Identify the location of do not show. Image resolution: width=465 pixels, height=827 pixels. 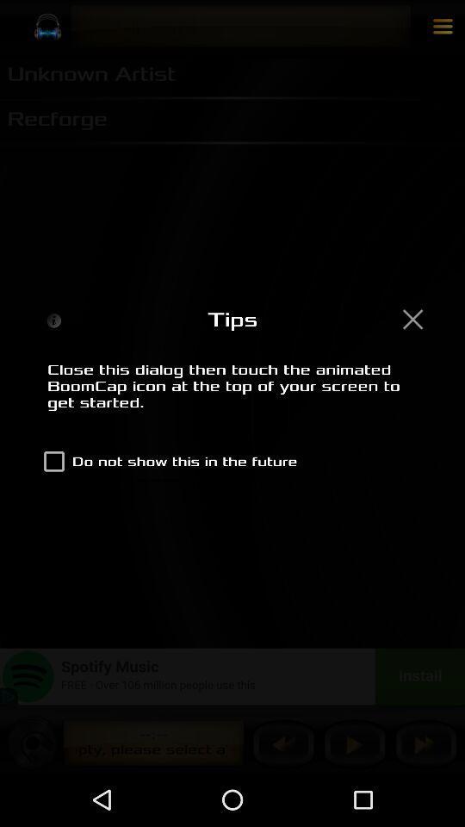
(166, 460).